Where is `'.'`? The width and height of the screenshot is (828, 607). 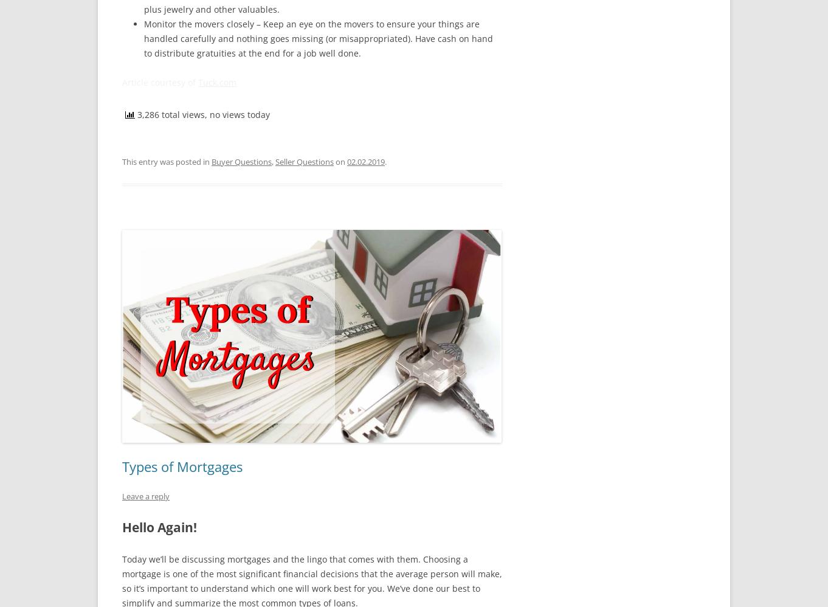 '.' is located at coordinates (384, 161).